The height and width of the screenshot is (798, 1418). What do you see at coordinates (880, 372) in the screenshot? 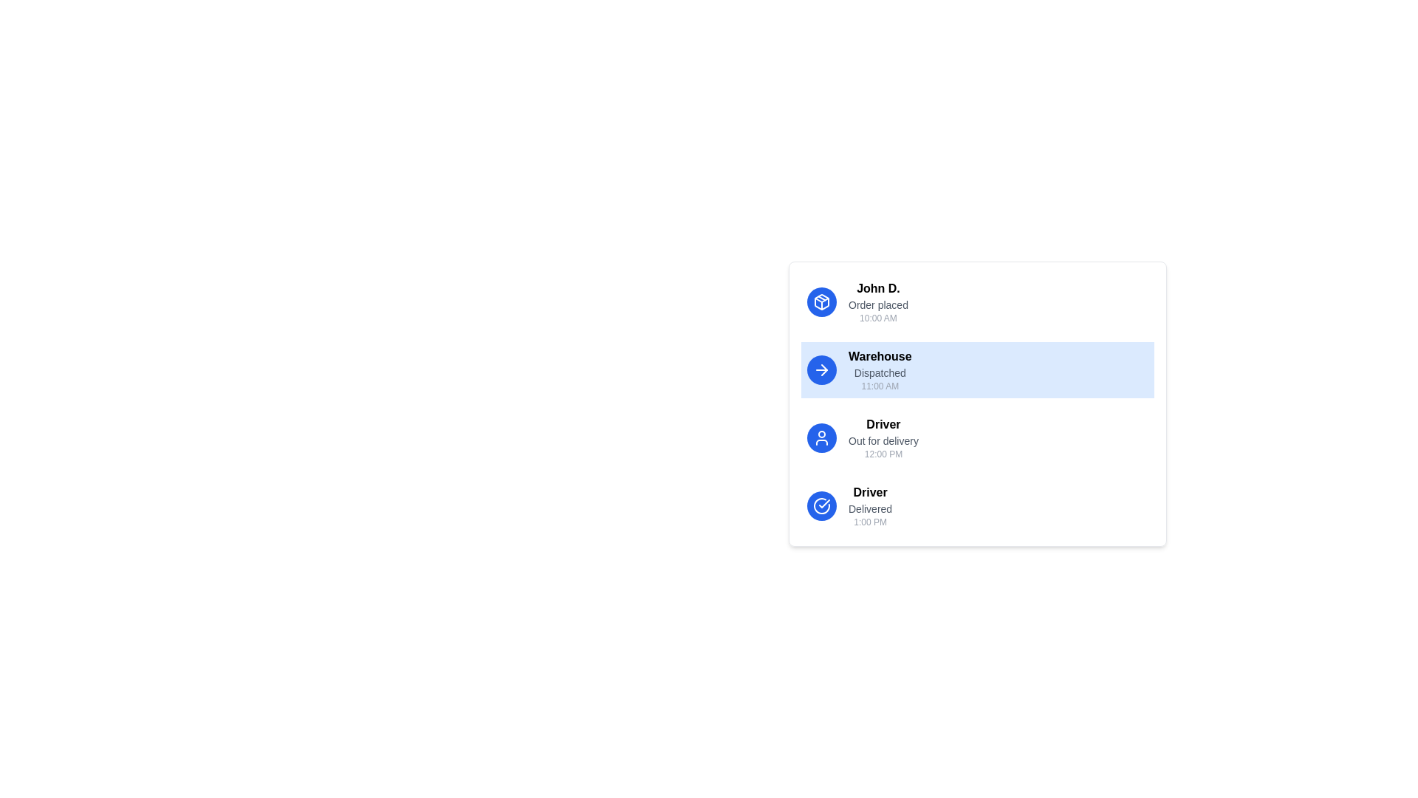
I see `the label that indicates the status of the 'Warehouse' event, which specifies that the item has been dispatched, positioned between the 'Warehouse' label and the timestamp '11:00 AM'` at bounding box center [880, 372].